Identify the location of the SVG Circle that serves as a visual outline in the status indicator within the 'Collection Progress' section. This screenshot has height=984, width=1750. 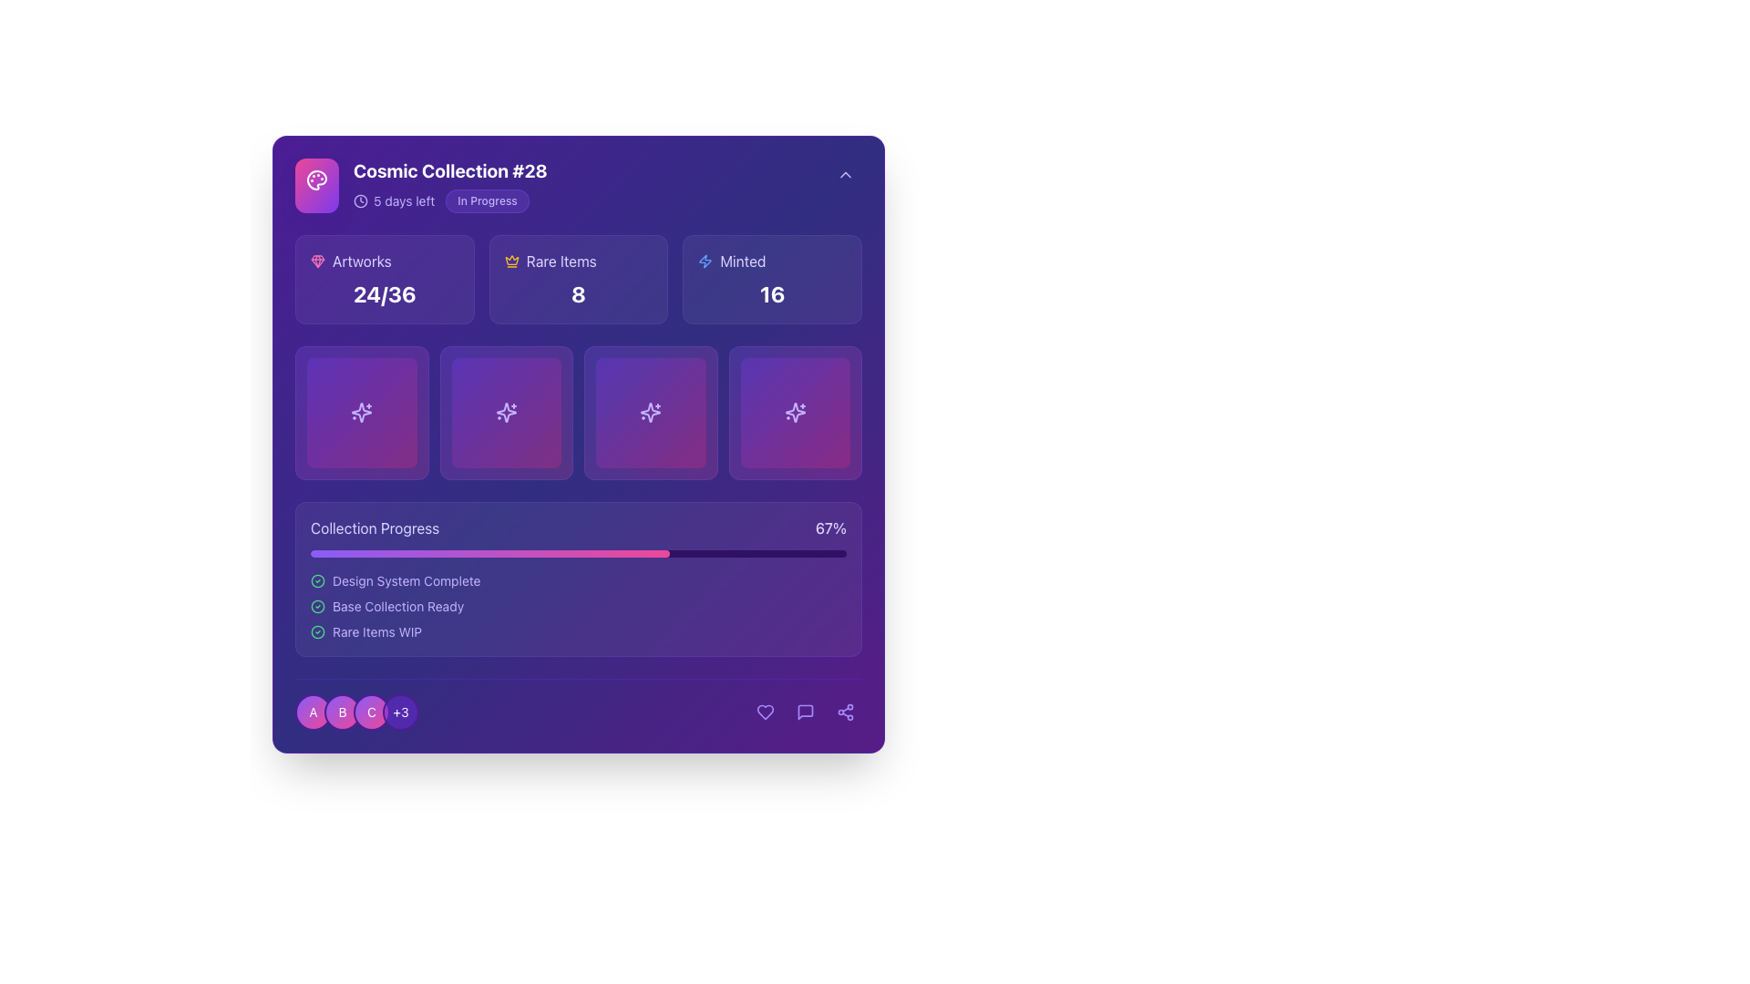
(318, 606).